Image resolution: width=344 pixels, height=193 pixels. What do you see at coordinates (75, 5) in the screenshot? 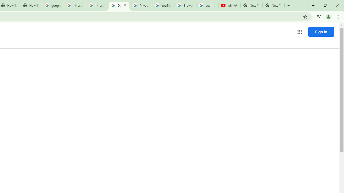
I see `'https://scholar.google.com/'` at bounding box center [75, 5].